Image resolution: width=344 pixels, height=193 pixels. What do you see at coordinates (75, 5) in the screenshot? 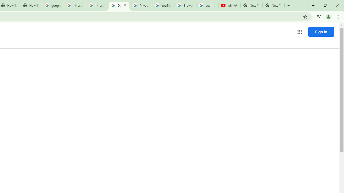
I see `'https://scholar.google.com/'` at bounding box center [75, 5].